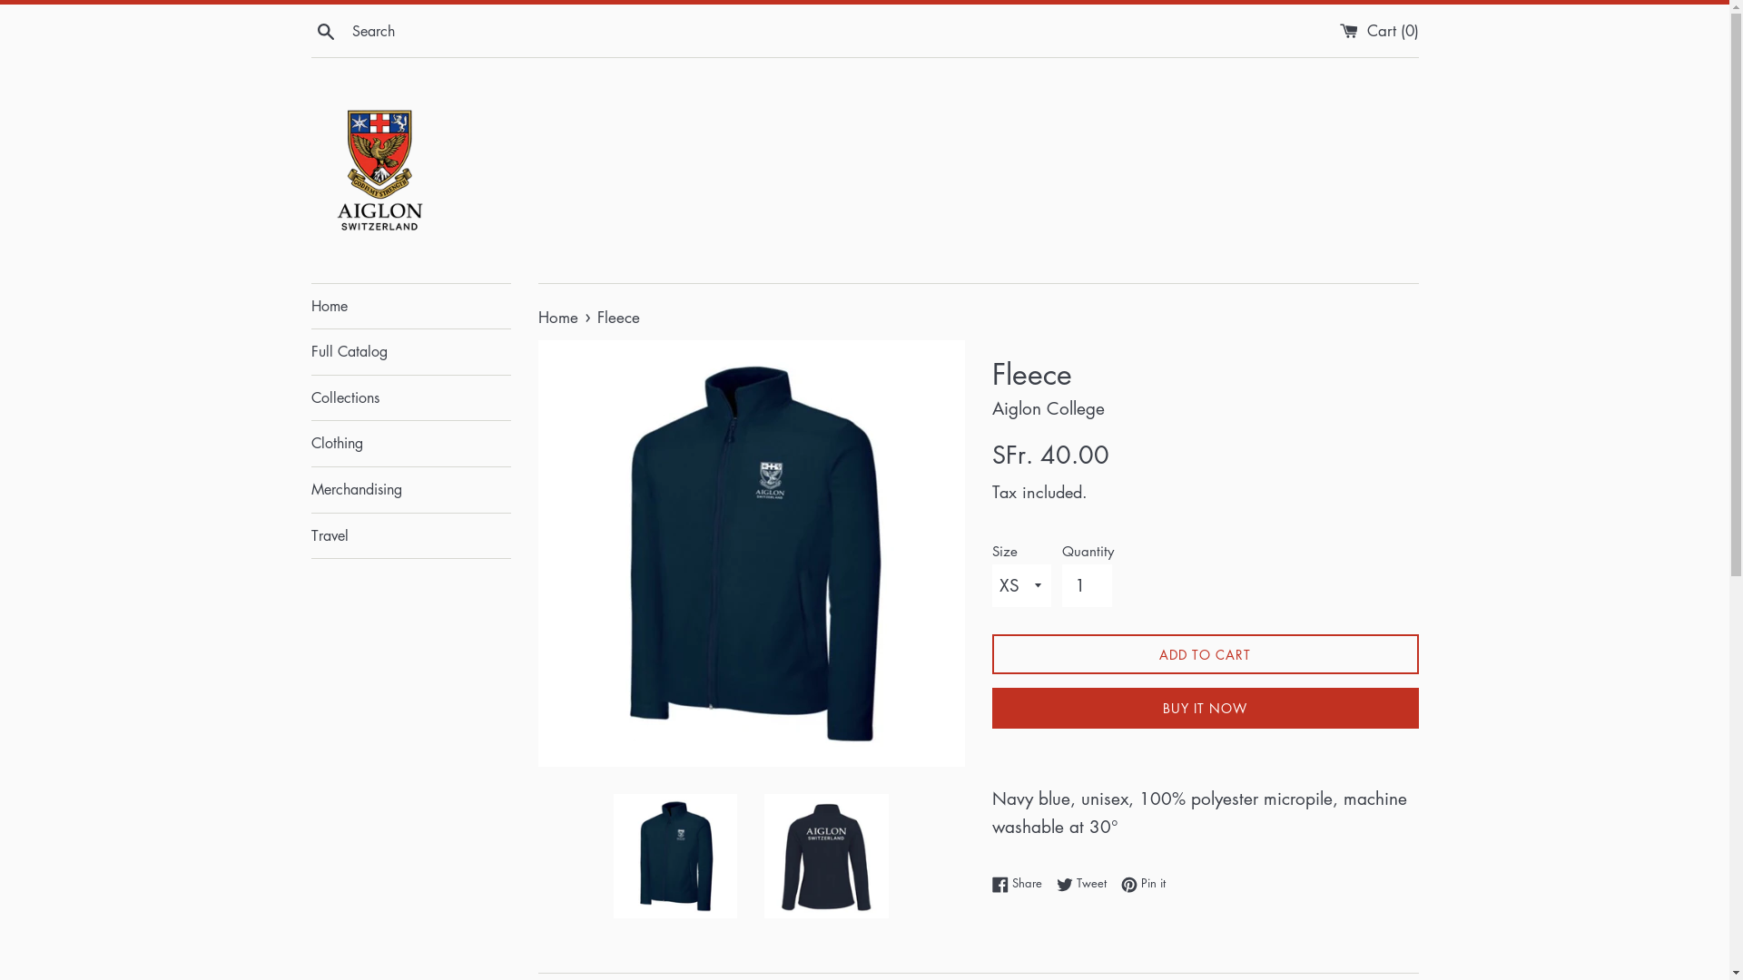 The image size is (1743, 980). I want to click on 'Clothing', so click(409, 444).